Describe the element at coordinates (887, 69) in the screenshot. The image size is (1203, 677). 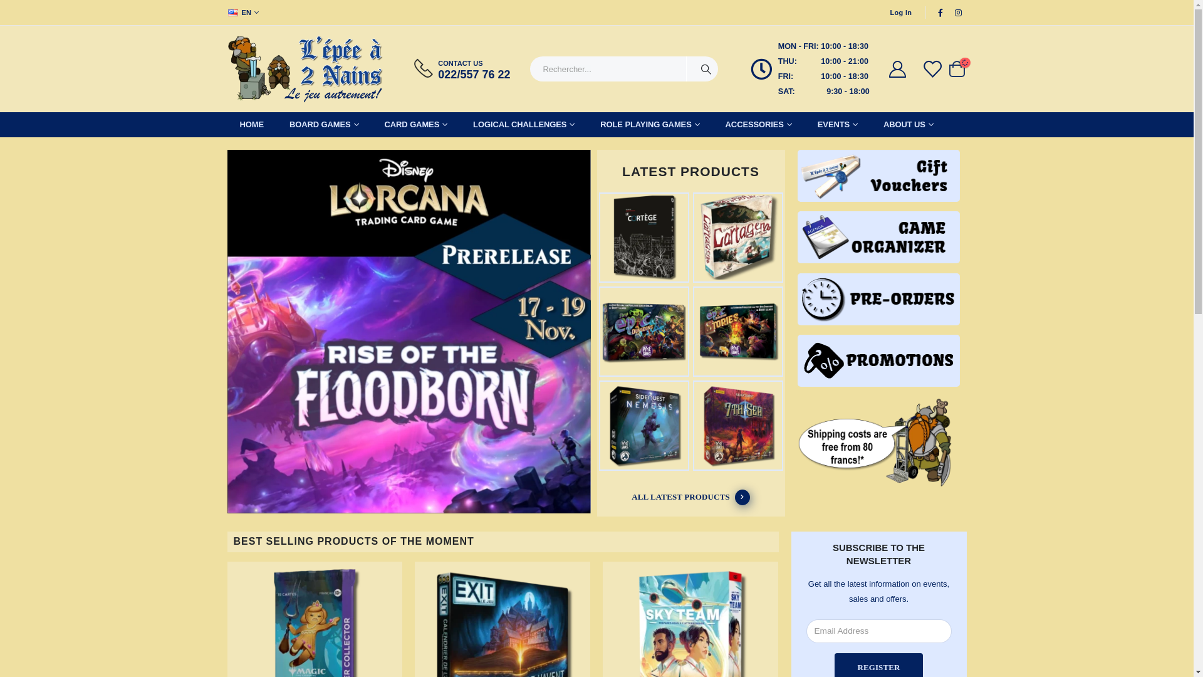
I see `'My Account'` at that location.